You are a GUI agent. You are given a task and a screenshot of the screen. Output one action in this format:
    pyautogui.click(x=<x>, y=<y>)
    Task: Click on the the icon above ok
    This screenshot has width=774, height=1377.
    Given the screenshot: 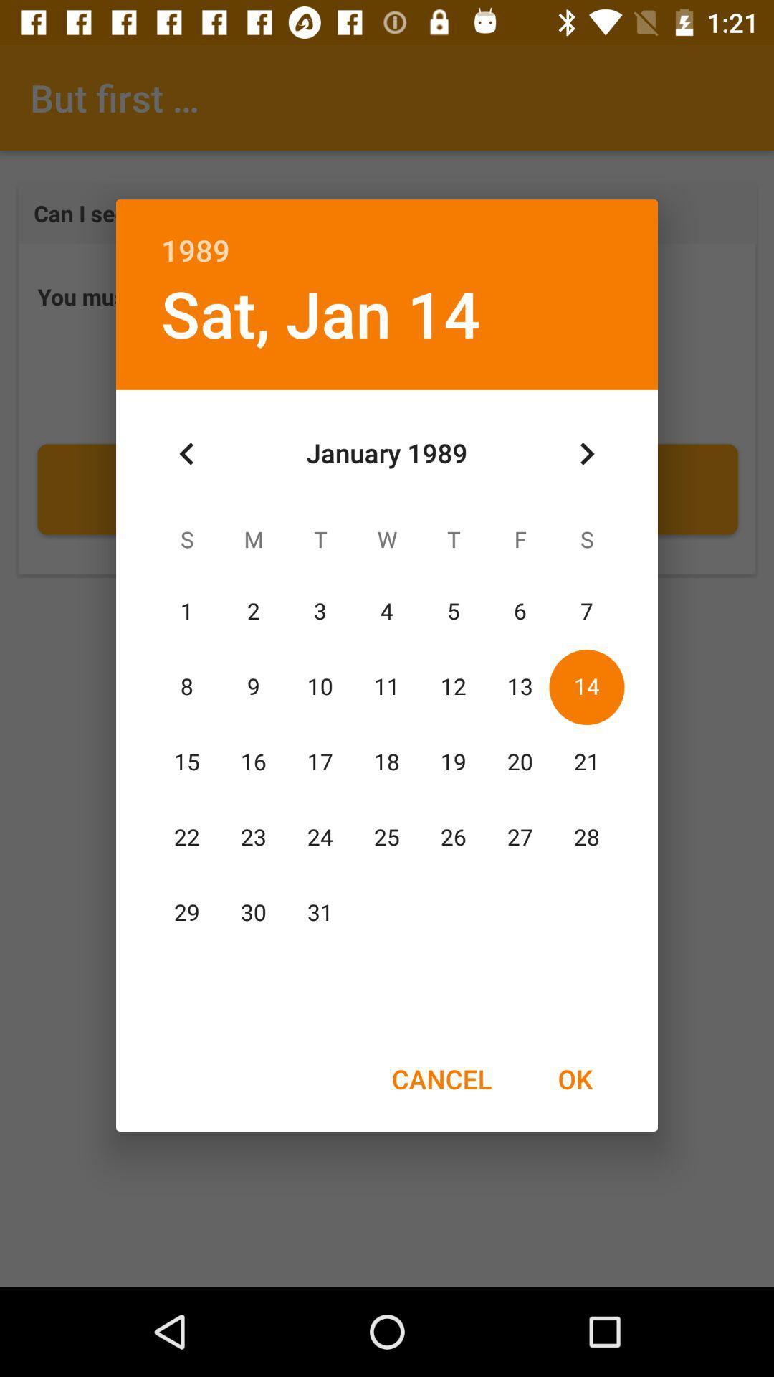 What is the action you would take?
    pyautogui.click(x=586, y=453)
    